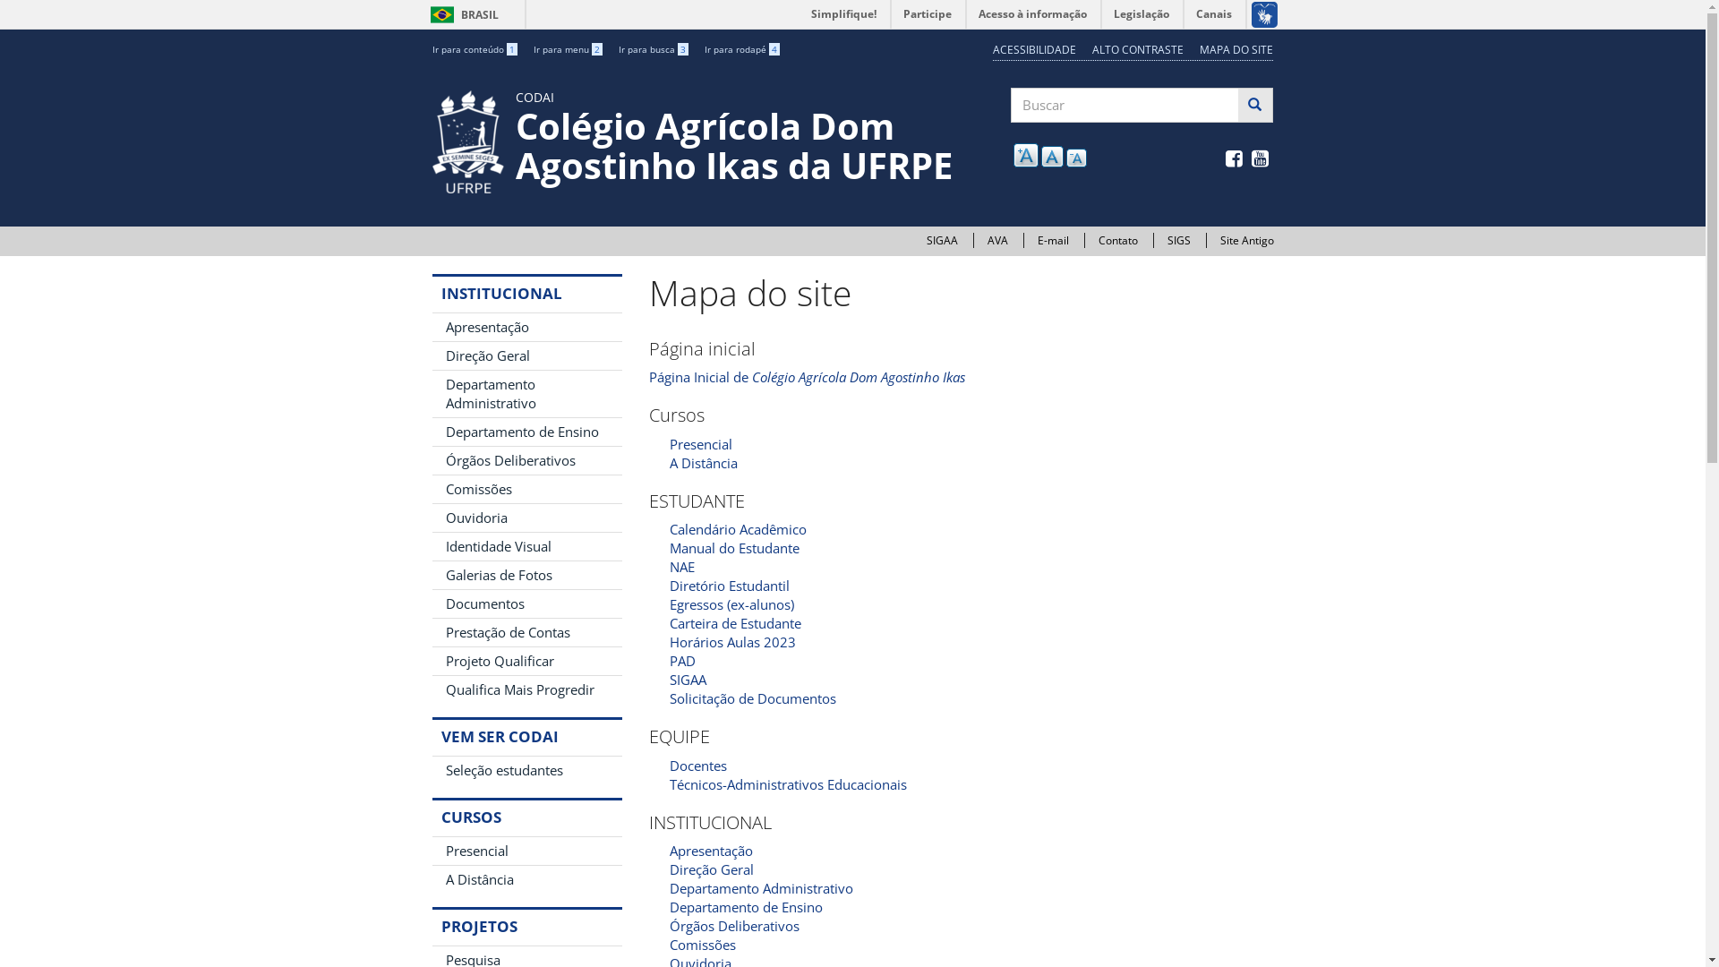 Image resolution: width=1719 pixels, height=967 pixels. I want to click on 'Galerias de Fotos', so click(526, 575).